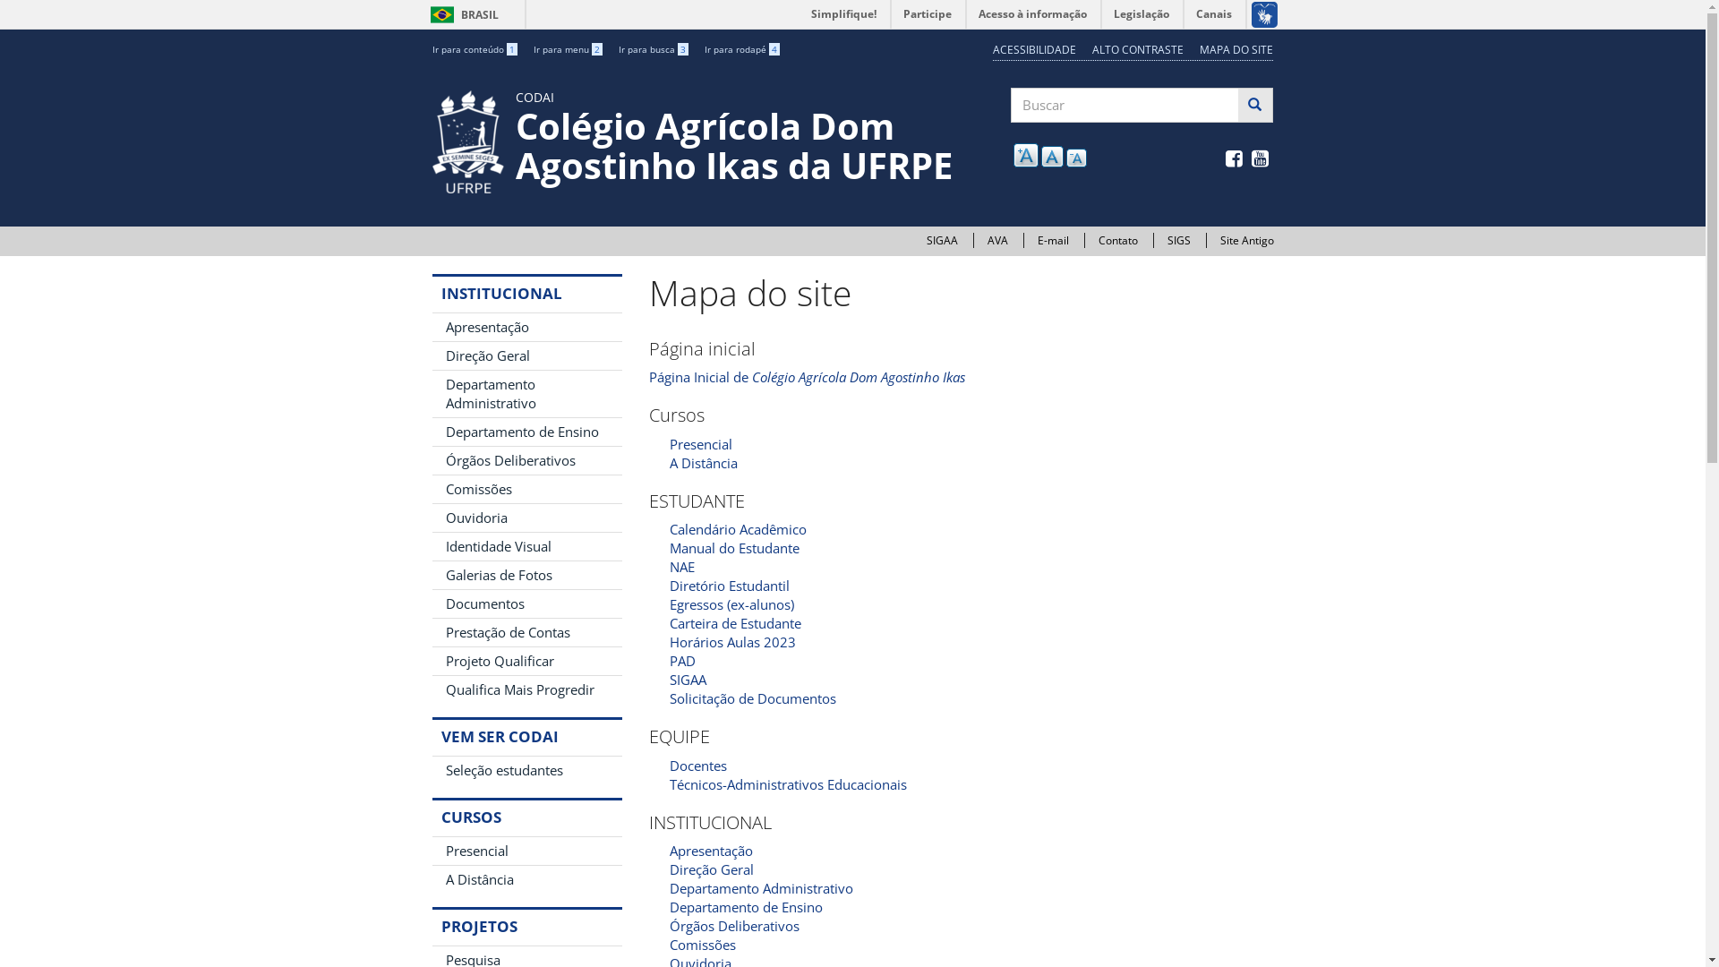 Image resolution: width=1719 pixels, height=967 pixels. I want to click on 'Galerias de Fotos', so click(526, 575).